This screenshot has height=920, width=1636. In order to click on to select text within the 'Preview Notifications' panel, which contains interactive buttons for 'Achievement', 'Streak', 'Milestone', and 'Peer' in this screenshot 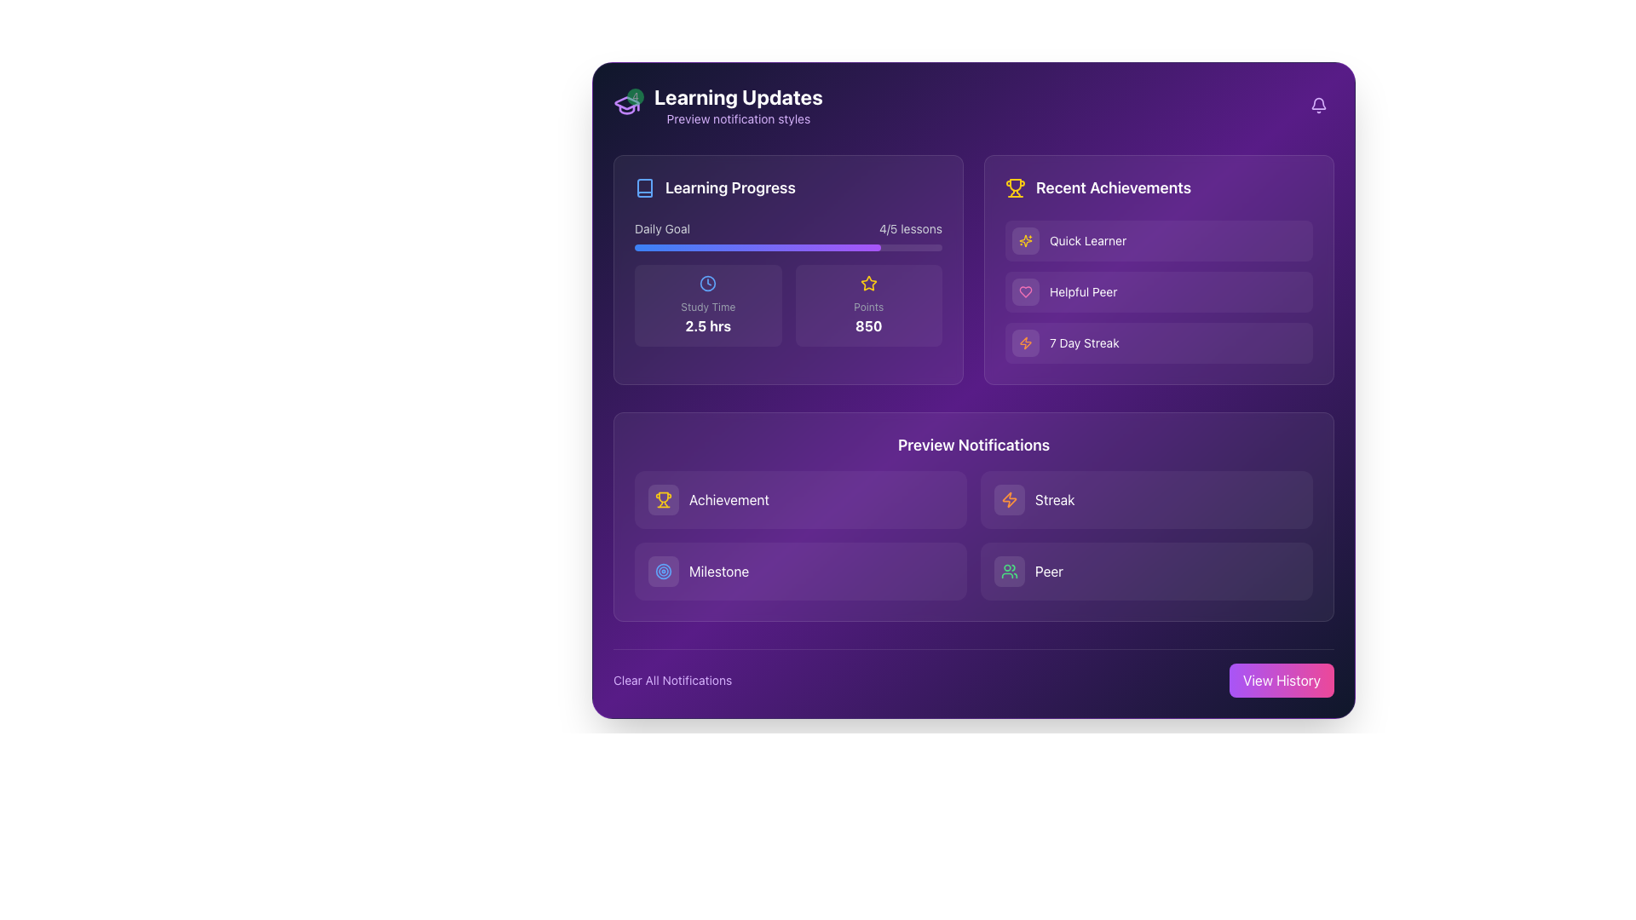, I will do `click(973, 515)`.